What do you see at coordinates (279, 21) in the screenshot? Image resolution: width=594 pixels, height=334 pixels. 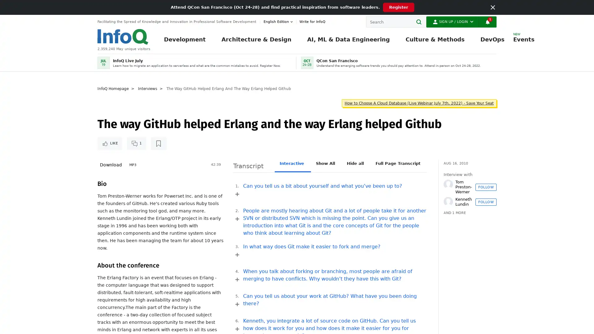 I see `English edition` at bounding box center [279, 21].